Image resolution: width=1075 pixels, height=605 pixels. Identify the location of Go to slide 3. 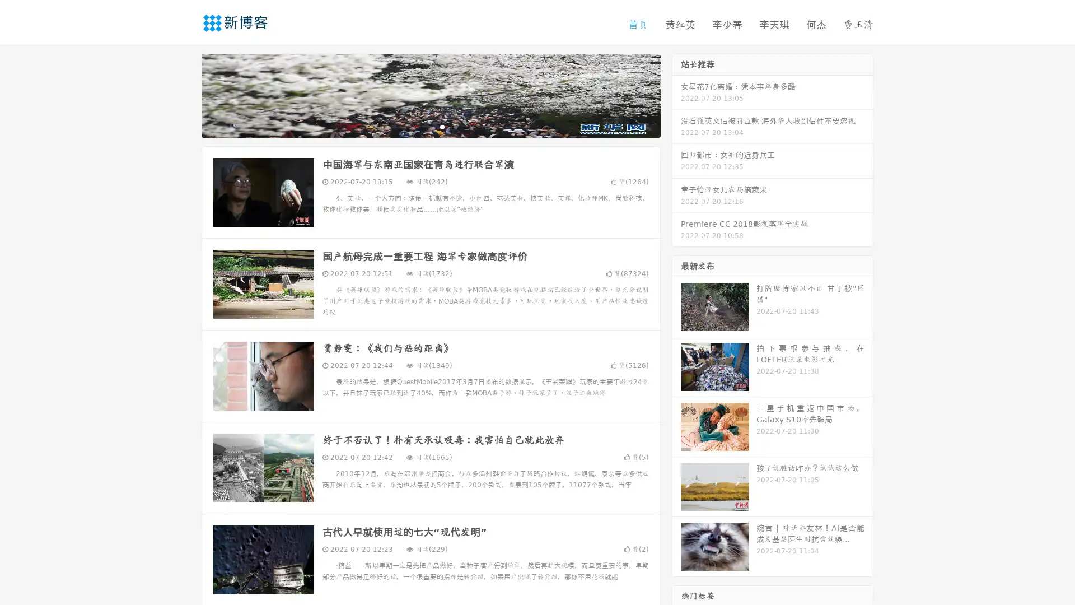
(442, 126).